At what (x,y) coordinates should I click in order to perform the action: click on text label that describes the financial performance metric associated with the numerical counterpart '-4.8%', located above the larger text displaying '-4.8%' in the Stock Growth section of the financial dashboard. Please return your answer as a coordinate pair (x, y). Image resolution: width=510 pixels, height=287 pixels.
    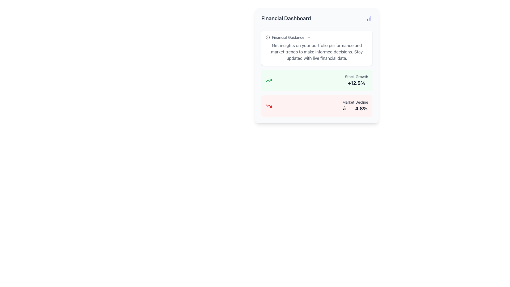
    Looking at the image, I should click on (355, 102).